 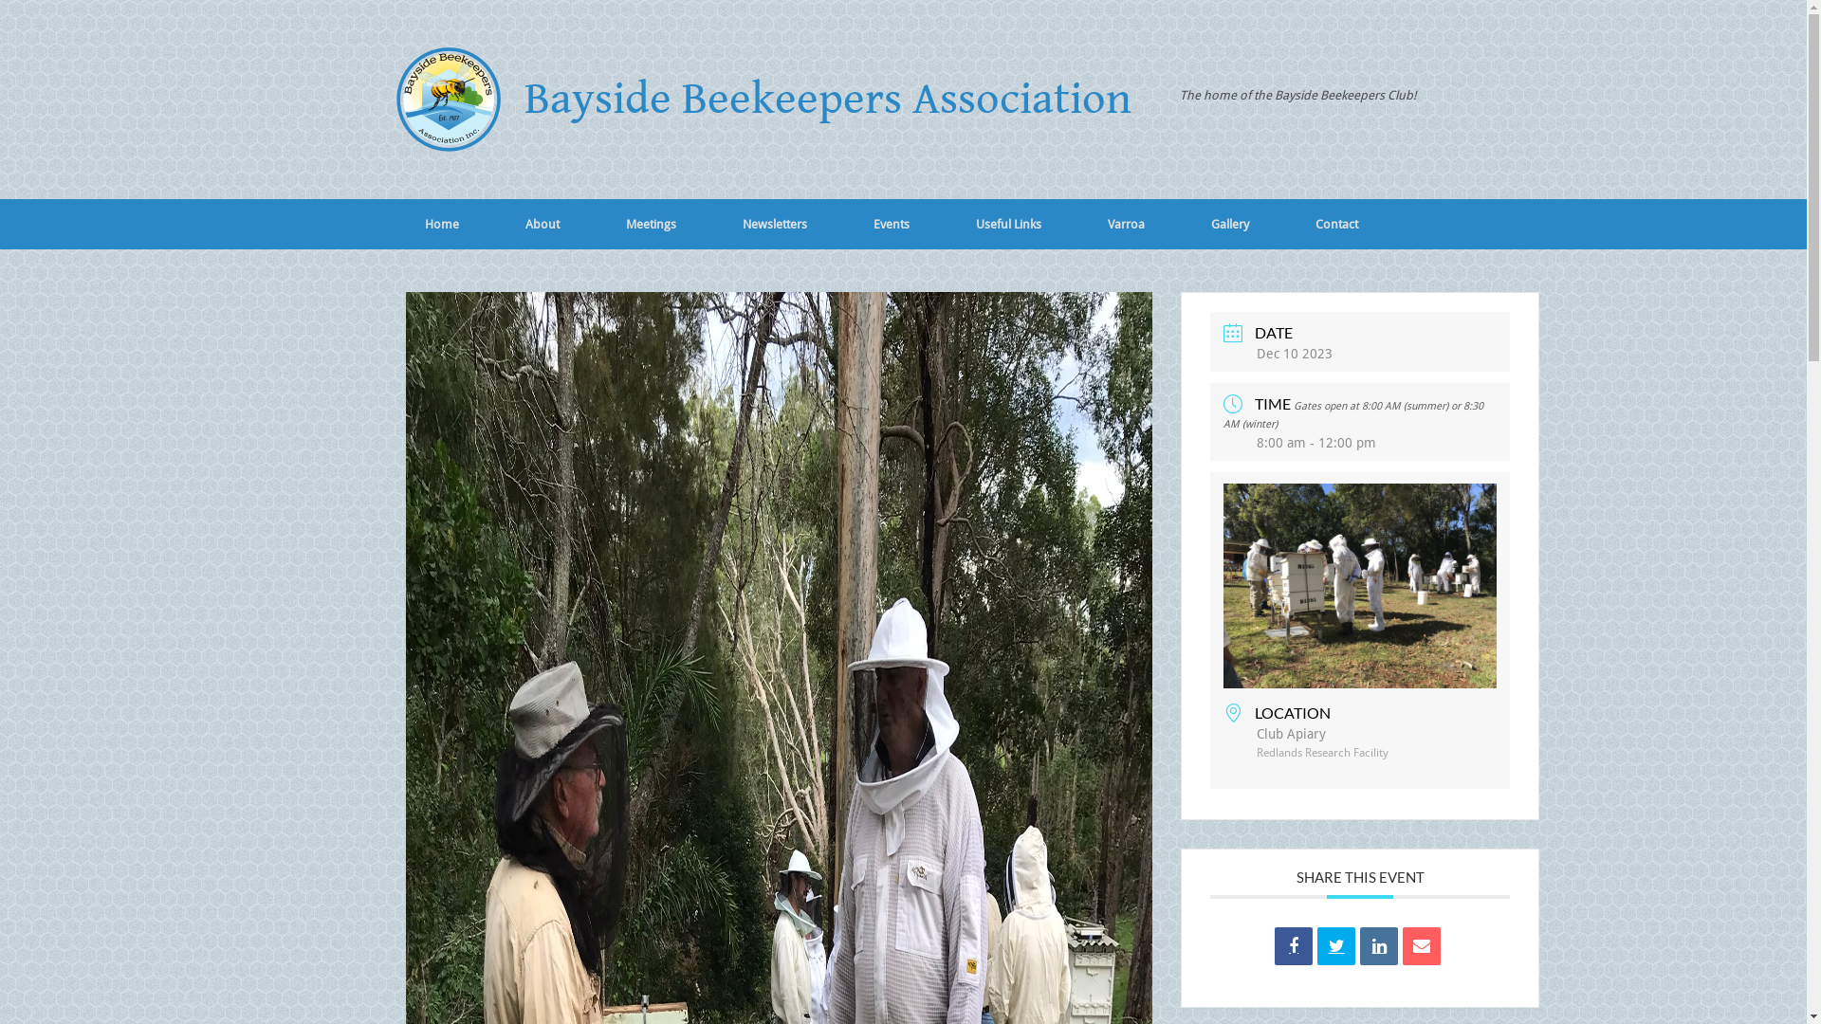 I want to click on 'Linkedin', so click(x=1379, y=946).